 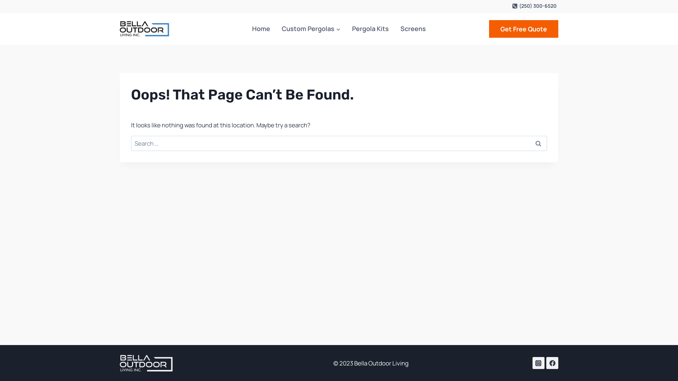 What do you see at coordinates (261, 28) in the screenshot?
I see `'Home'` at bounding box center [261, 28].